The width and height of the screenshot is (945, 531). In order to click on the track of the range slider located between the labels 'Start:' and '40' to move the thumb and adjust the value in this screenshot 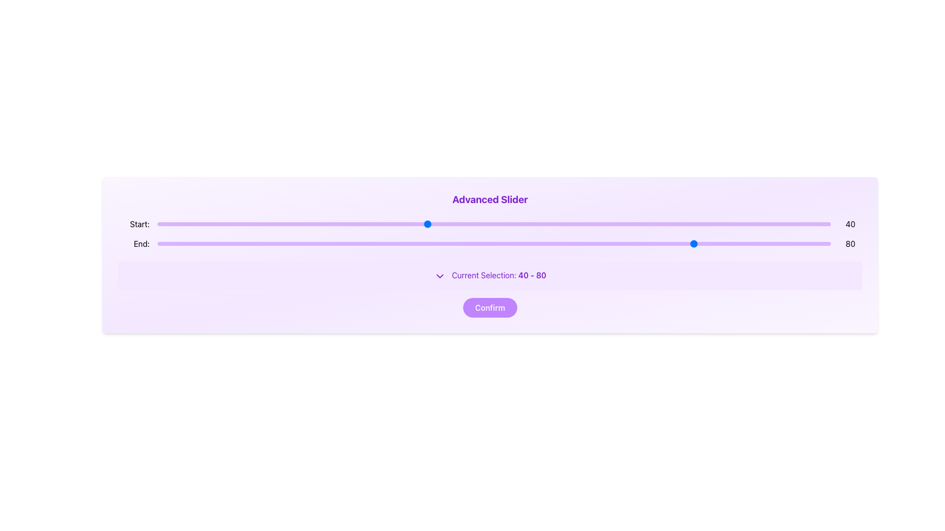, I will do `click(494, 224)`.